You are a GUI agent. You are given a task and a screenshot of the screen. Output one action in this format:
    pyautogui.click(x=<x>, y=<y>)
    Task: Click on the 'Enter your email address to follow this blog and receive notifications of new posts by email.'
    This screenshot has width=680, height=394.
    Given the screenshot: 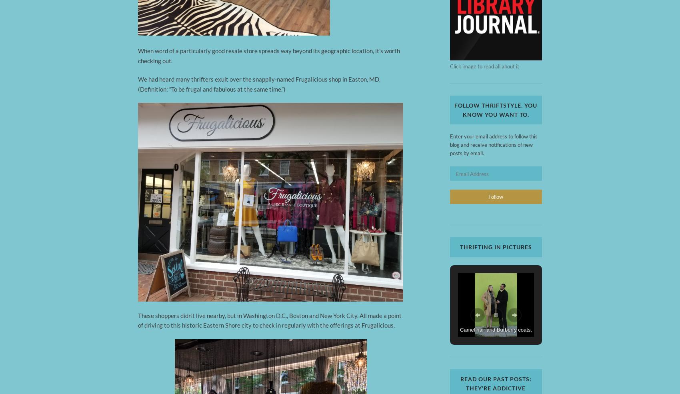 What is the action you would take?
    pyautogui.click(x=493, y=144)
    